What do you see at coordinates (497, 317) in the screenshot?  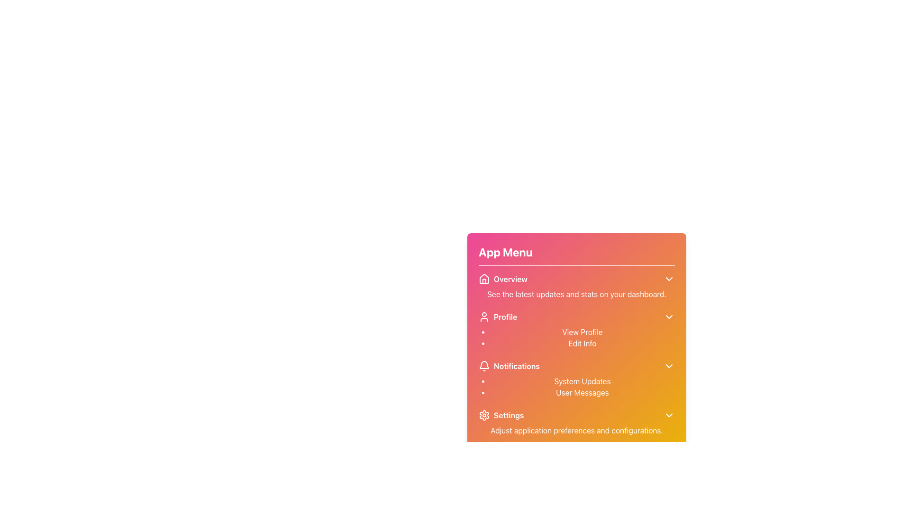 I see `the 'Profile' menu item, which is the second option in the vertical list of the gradient menu sidebar` at bounding box center [497, 317].